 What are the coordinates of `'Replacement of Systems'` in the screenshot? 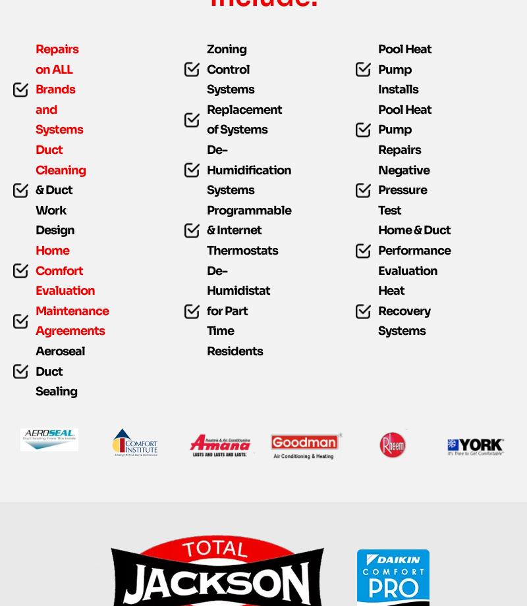 It's located at (243, 145).